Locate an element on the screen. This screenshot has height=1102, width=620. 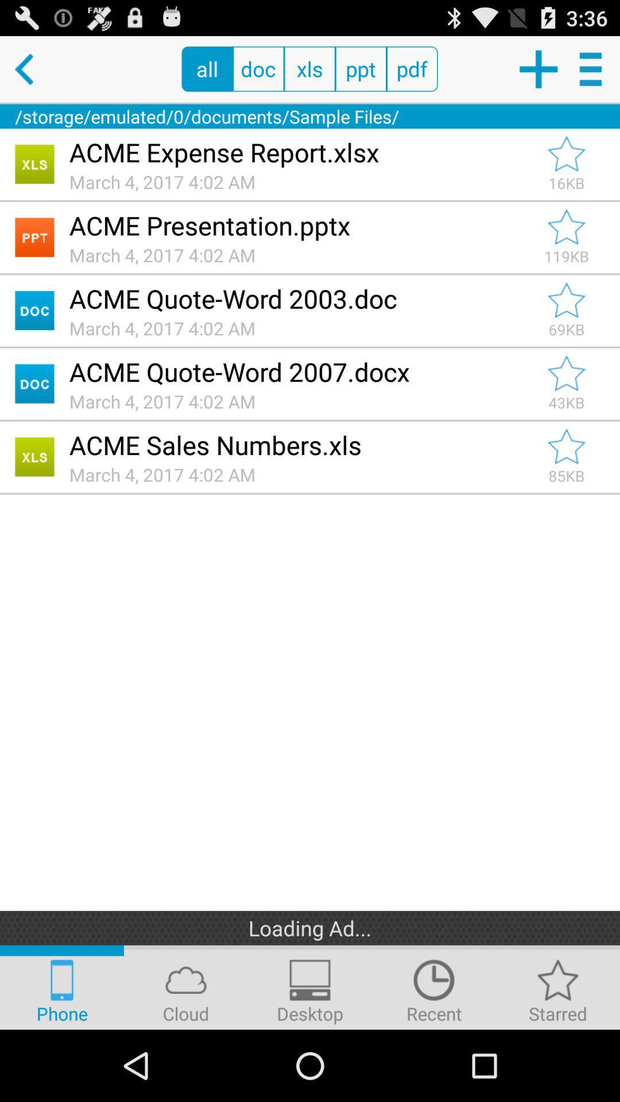
the item next to the doc radio button is located at coordinates (207, 68).